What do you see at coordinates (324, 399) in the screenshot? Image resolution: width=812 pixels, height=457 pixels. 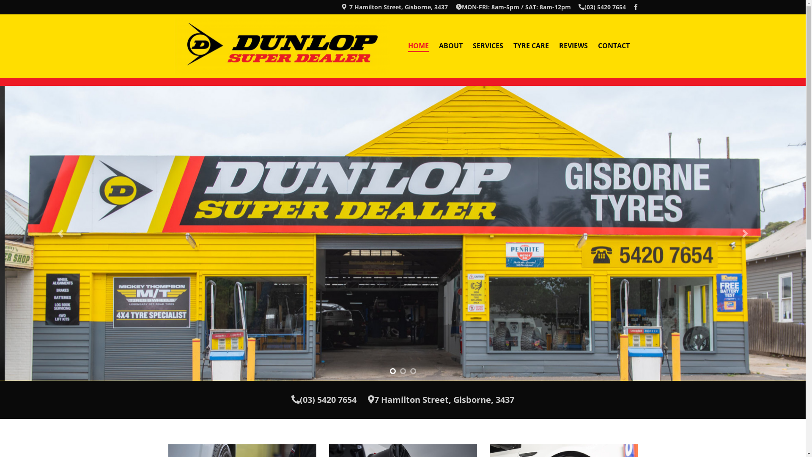 I see `'(03) 5420 7654'` at bounding box center [324, 399].